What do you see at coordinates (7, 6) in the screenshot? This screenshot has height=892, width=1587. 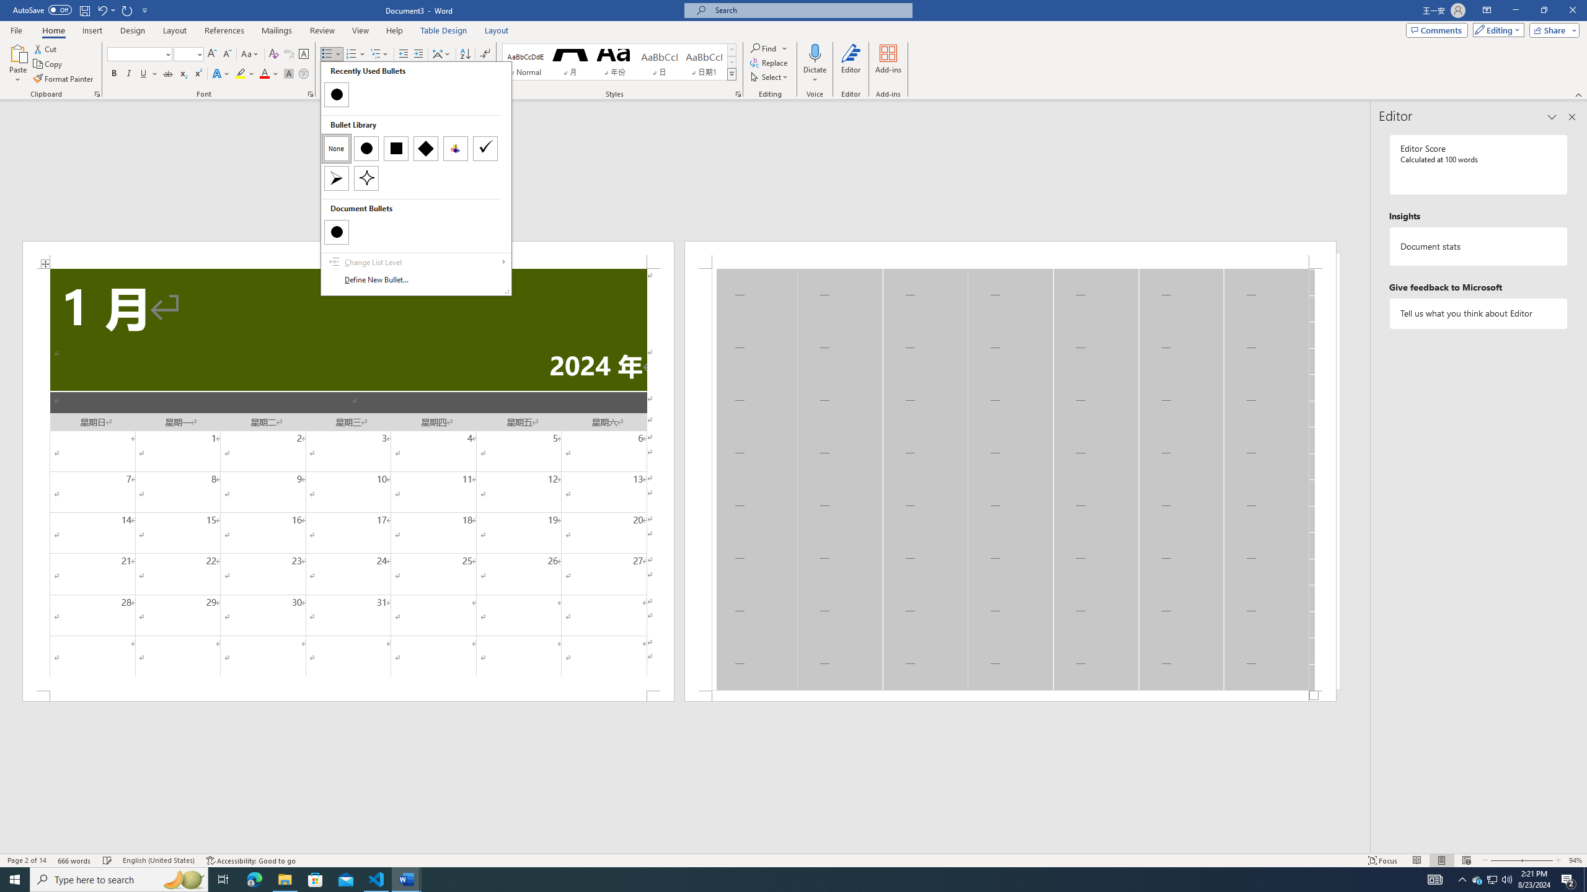 I see `'System'` at bounding box center [7, 6].